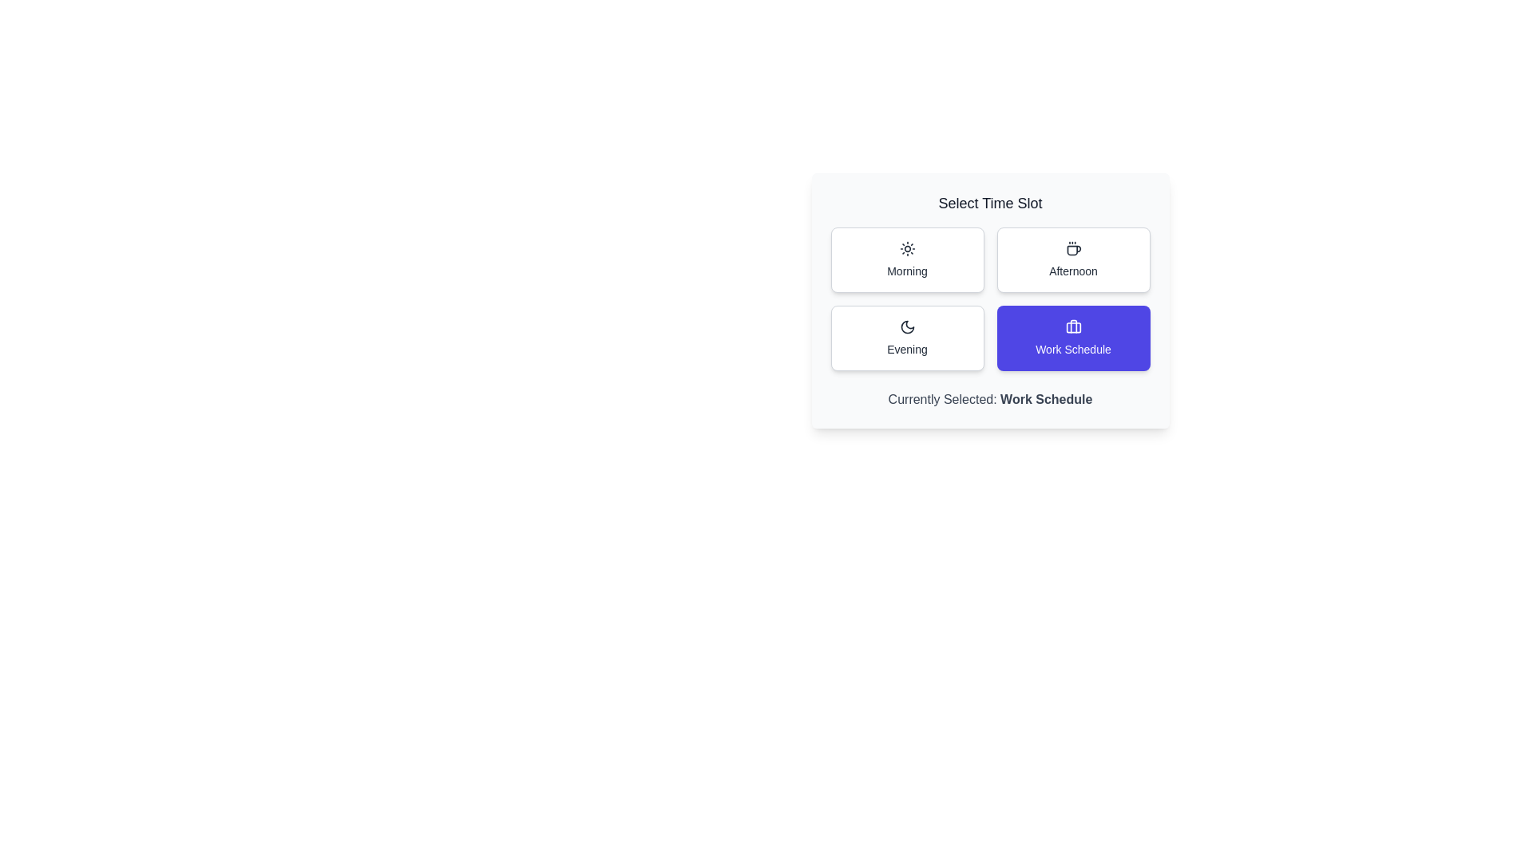 The height and width of the screenshot is (862, 1533). What do you see at coordinates (1073, 259) in the screenshot?
I see `the time slot by clicking on the button labeled Afternoon` at bounding box center [1073, 259].